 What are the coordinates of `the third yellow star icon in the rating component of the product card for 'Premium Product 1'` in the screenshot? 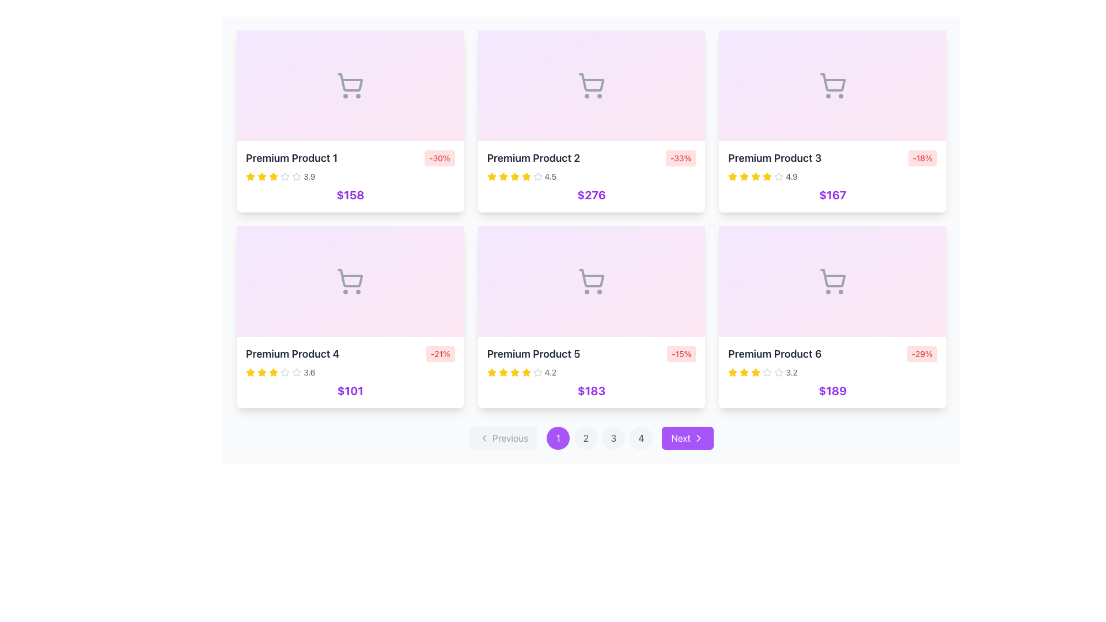 It's located at (262, 177).